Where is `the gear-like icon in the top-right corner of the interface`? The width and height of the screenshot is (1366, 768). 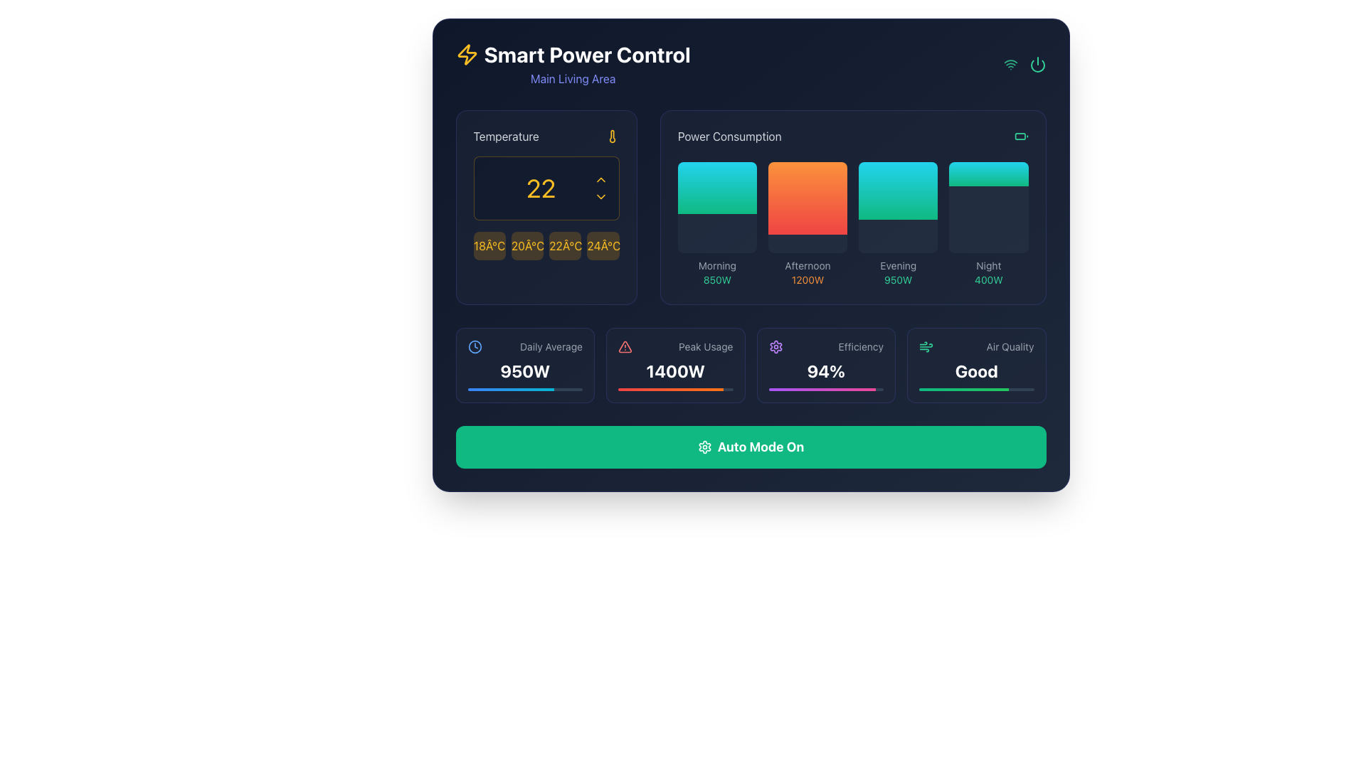
the gear-like icon in the top-right corner of the interface is located at coordinates (704, 446).